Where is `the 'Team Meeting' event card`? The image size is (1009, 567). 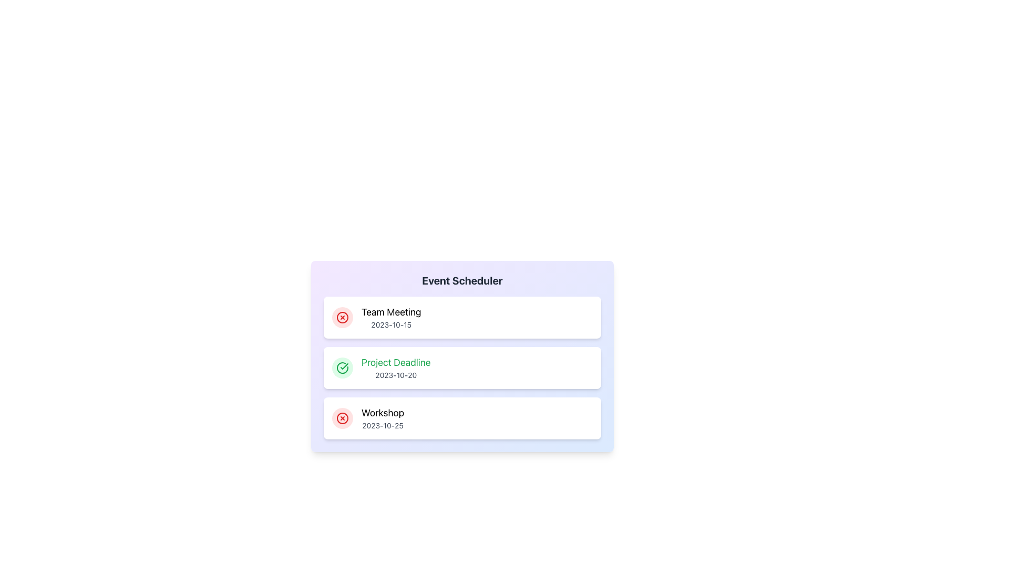 the 'Team Meeting' event card is located at coordinates (462, 317).